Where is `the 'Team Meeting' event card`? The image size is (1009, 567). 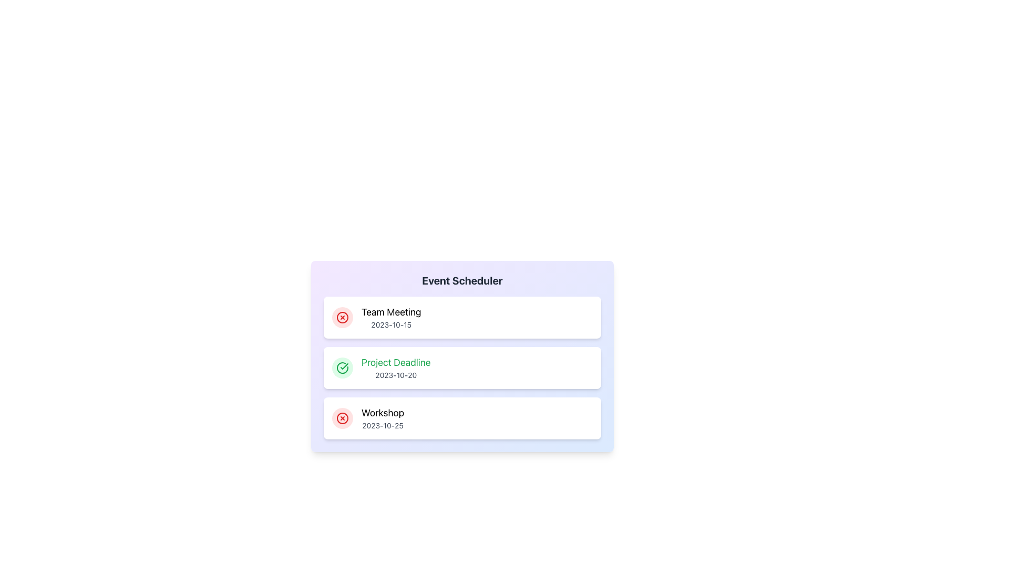 the 'Team Meeting' event card is located at coordinates (462, 317).